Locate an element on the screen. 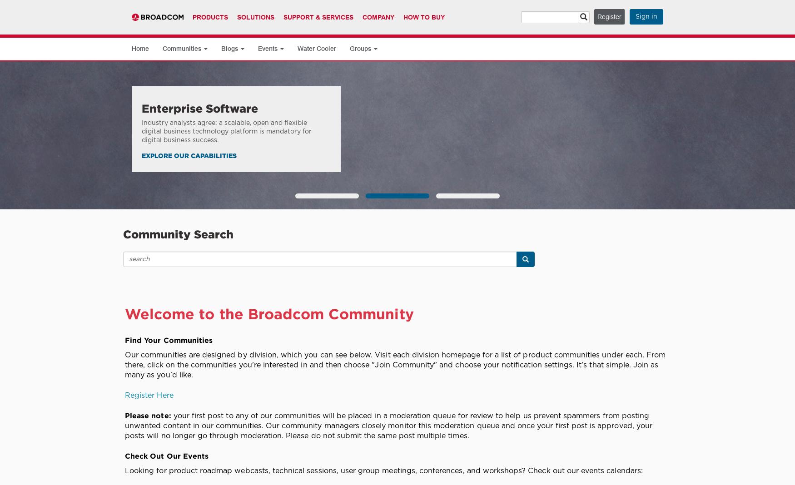 This screenshot has width=795, height=485. 'Sign in' is located at coordinates (635, 16).